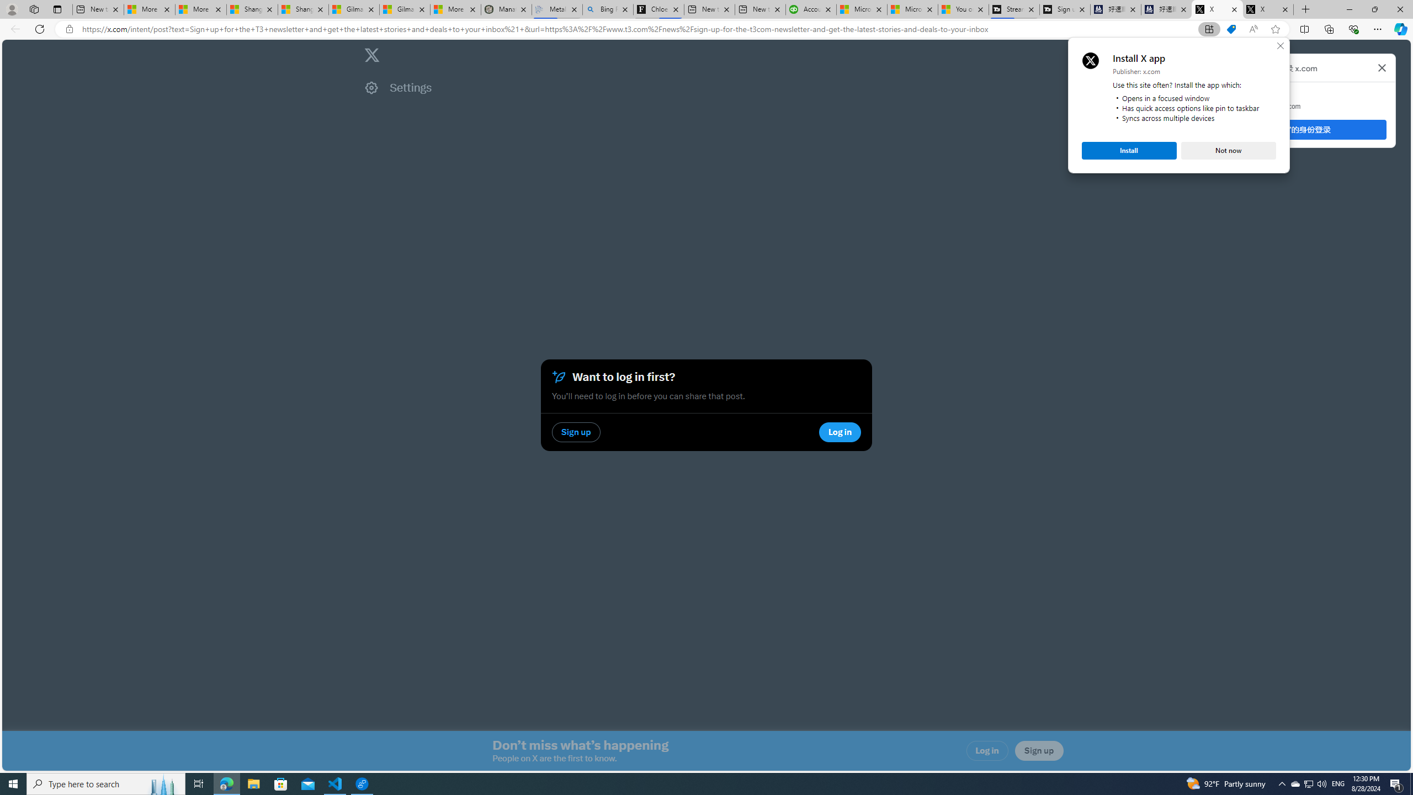  Describe the element at coordinates (1411, 783) in the screenshot. I see `'Show desktop'` at that location.